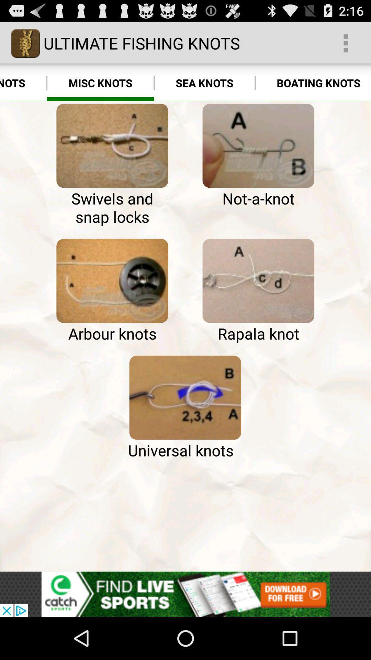 Image resolution: width=371 pixels, height=660 pixels. I want to click on universal knots tutorial, so click(185, 397).